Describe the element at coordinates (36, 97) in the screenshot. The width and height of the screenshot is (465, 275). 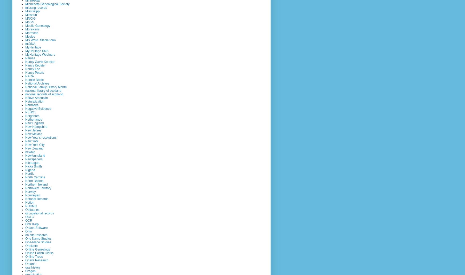
I see `'Native American'` at that location.